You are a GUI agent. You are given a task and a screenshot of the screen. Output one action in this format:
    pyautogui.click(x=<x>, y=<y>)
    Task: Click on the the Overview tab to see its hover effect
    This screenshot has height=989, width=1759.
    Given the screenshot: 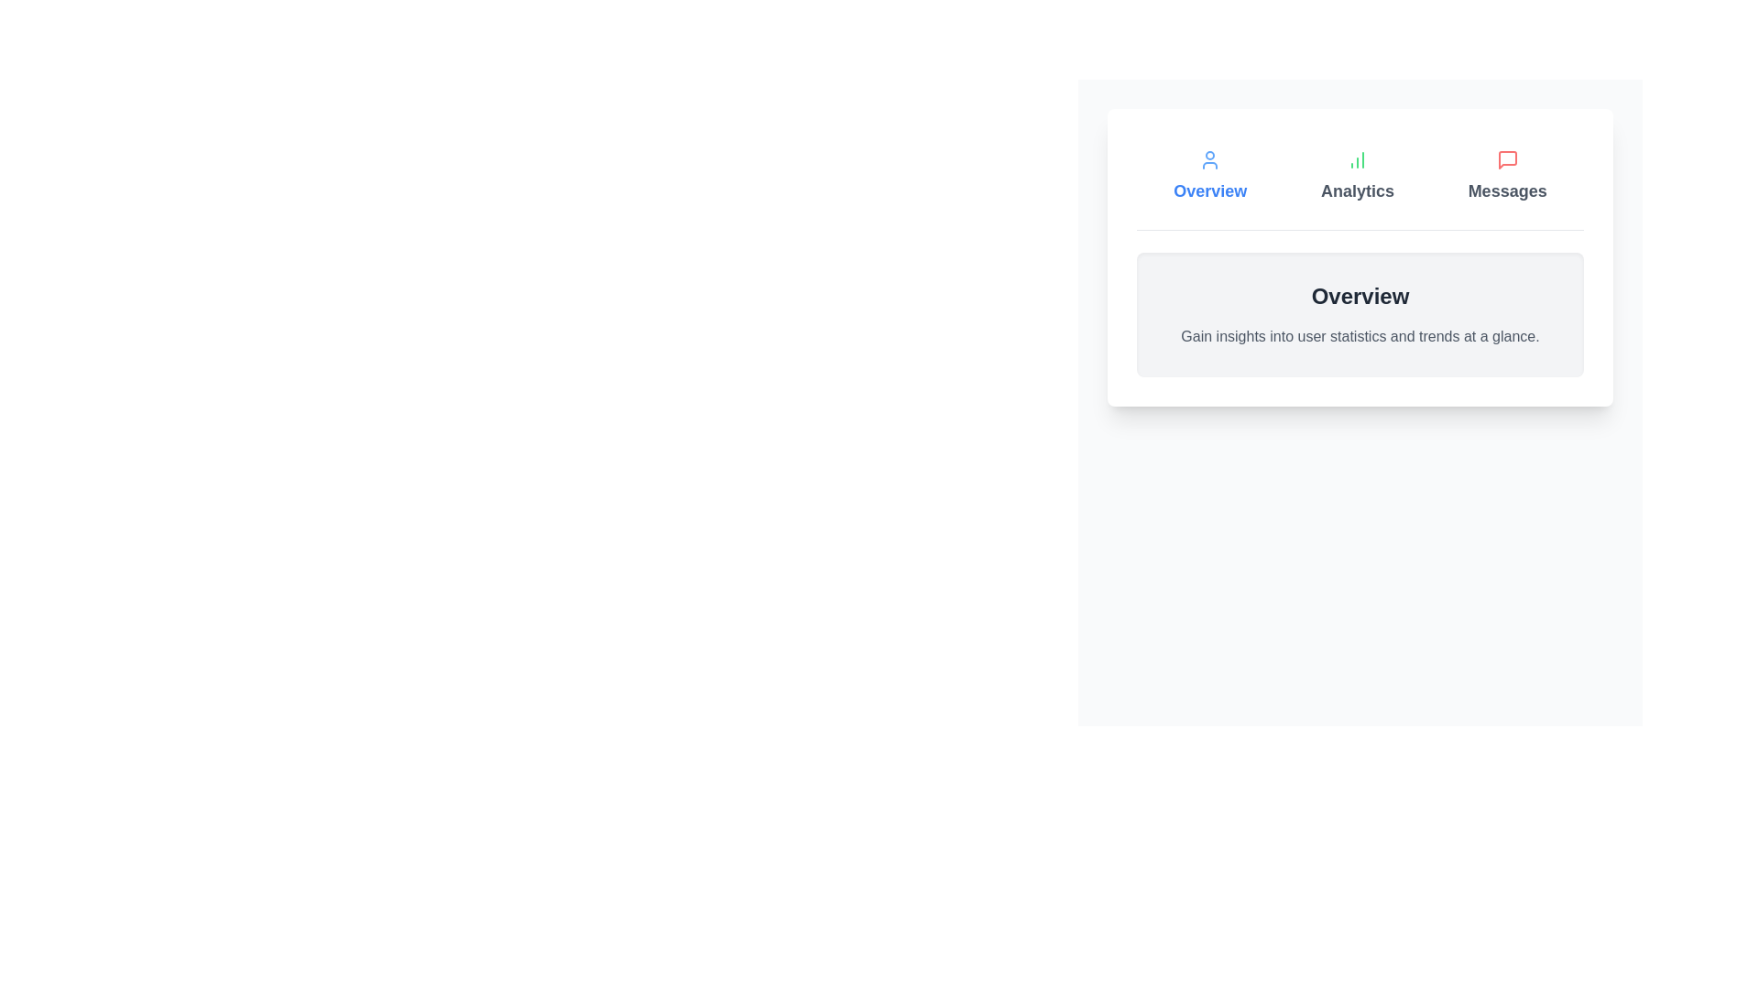 What is the action you would take?
    pyautogui.click(x=1210, y=176)
    